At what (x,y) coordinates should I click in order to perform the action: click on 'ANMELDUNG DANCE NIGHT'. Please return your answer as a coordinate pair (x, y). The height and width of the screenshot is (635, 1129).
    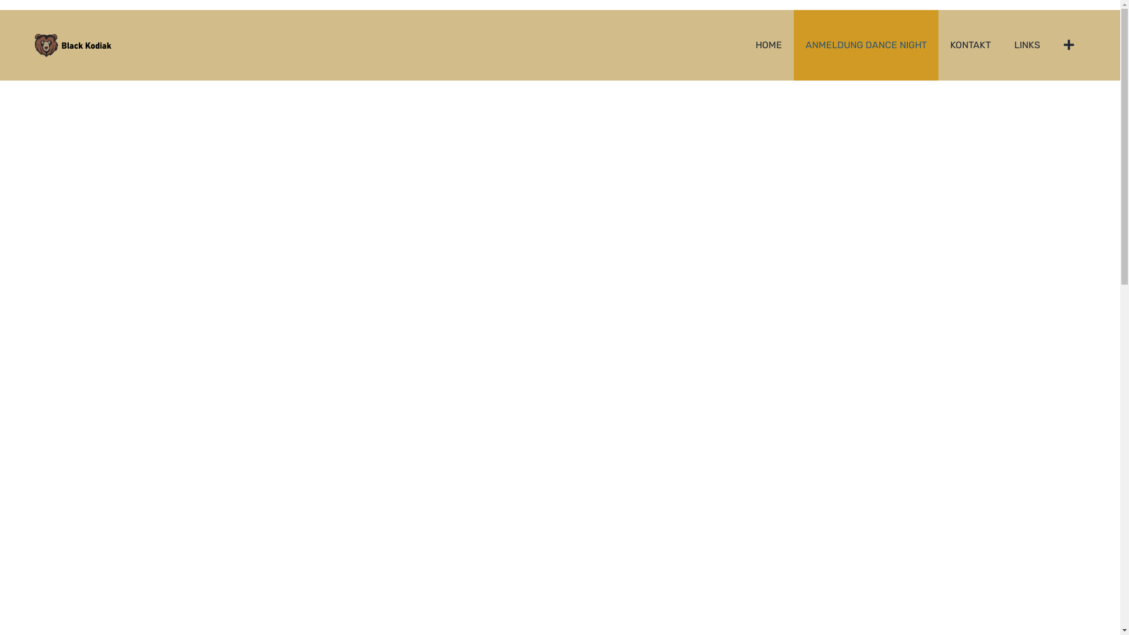
    Looking at the image, I should click on (866, 45).